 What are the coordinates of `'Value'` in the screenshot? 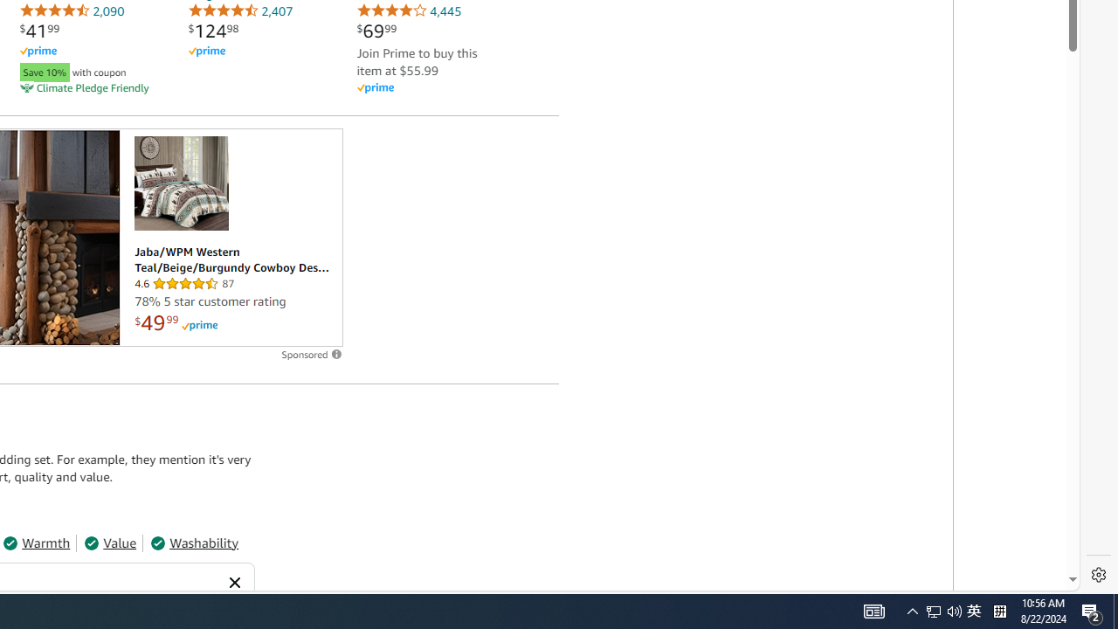 It's located at (109, 542).